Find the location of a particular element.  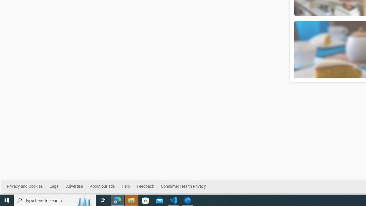

'About our ads' is located at coordinates (102, 186).